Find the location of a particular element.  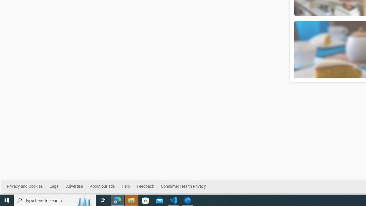

'About our ads' is located at coordinates (102, 186).